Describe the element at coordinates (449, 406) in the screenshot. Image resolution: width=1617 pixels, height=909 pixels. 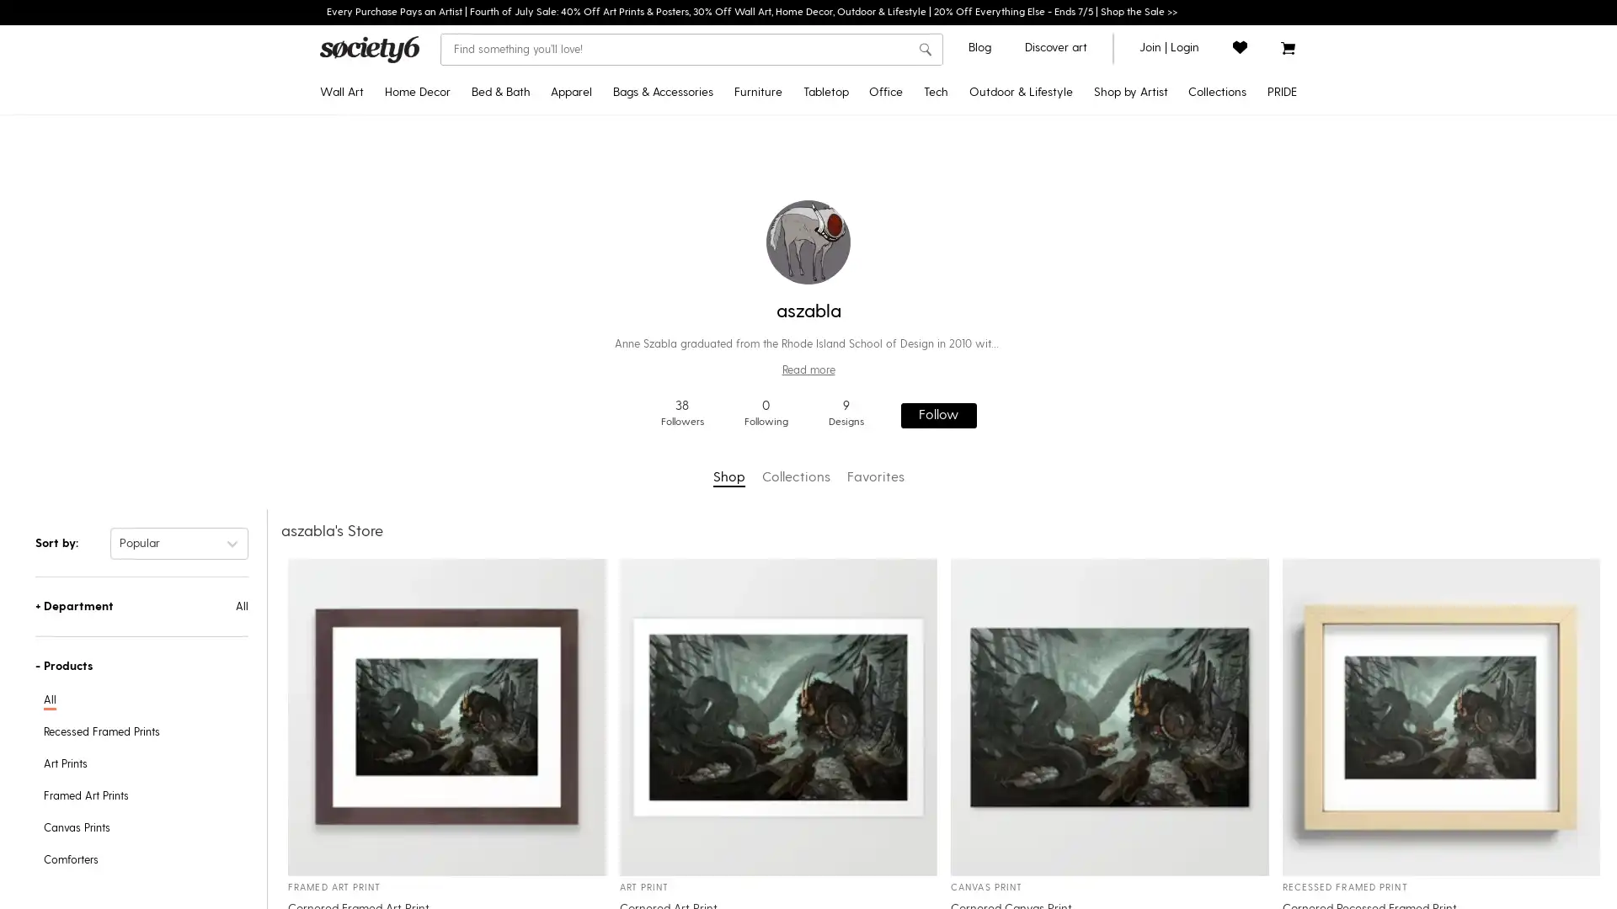
I see `Wallpaper` at that location.